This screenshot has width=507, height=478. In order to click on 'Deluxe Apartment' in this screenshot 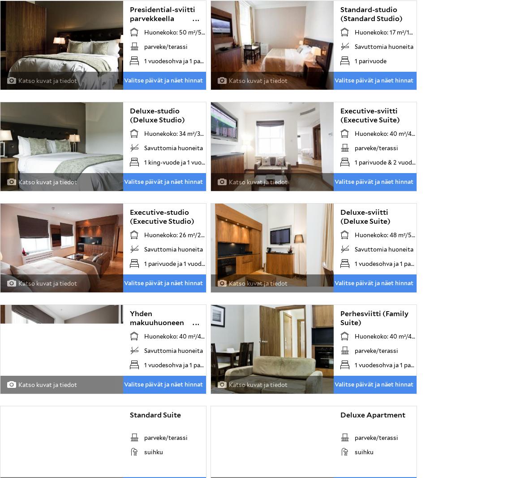, I will do `click(372, 415)`.